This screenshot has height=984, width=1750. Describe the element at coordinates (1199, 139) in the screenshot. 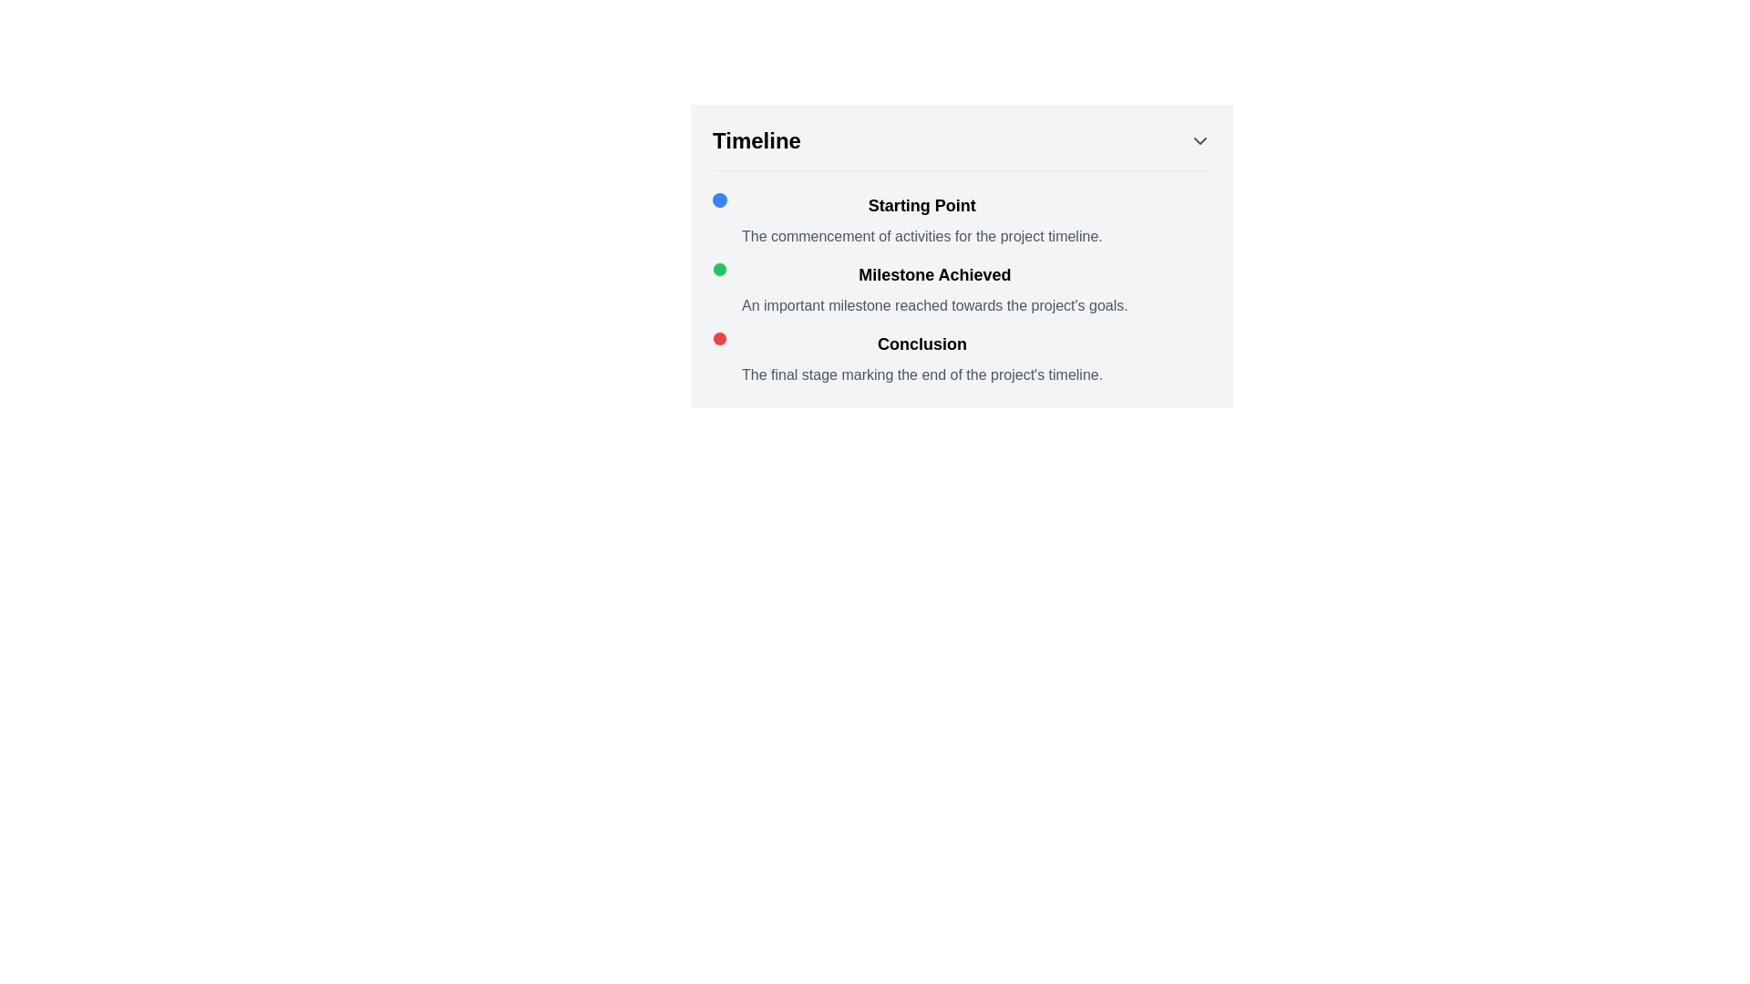

I see `the Icon Button located in the top-right corner of the 'Timeline' section` at that location.